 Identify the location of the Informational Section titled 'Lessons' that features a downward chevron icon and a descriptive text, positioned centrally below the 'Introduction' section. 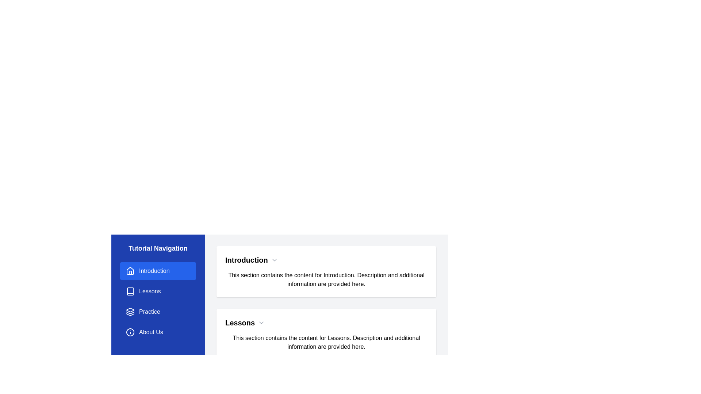
(326, 335).